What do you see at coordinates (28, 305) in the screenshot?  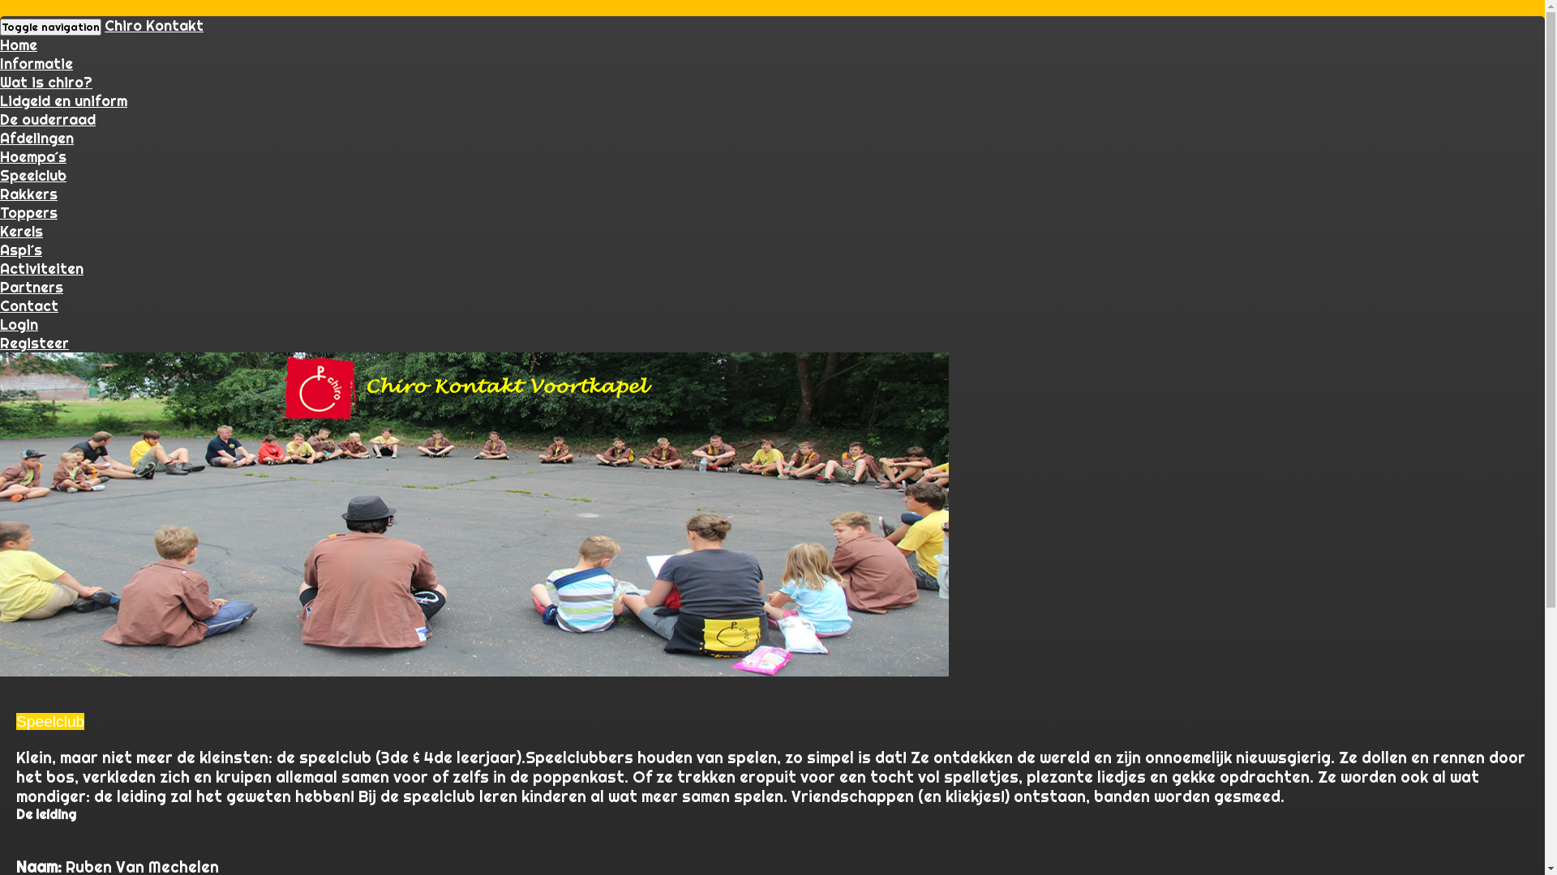 I see `'Contact'` at bounding box center [28, 305].